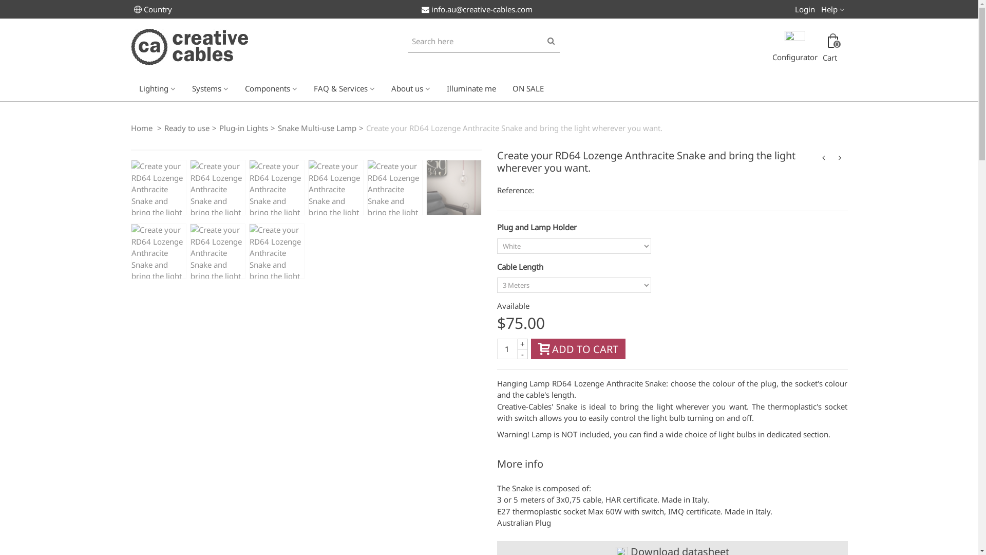 Image resolution: width=986 pixels, height=555 pixels. What do you see at coordinates (470, 87) in the screenshot?
I see `'Illuminate me'` at bounding box center [470, 87].